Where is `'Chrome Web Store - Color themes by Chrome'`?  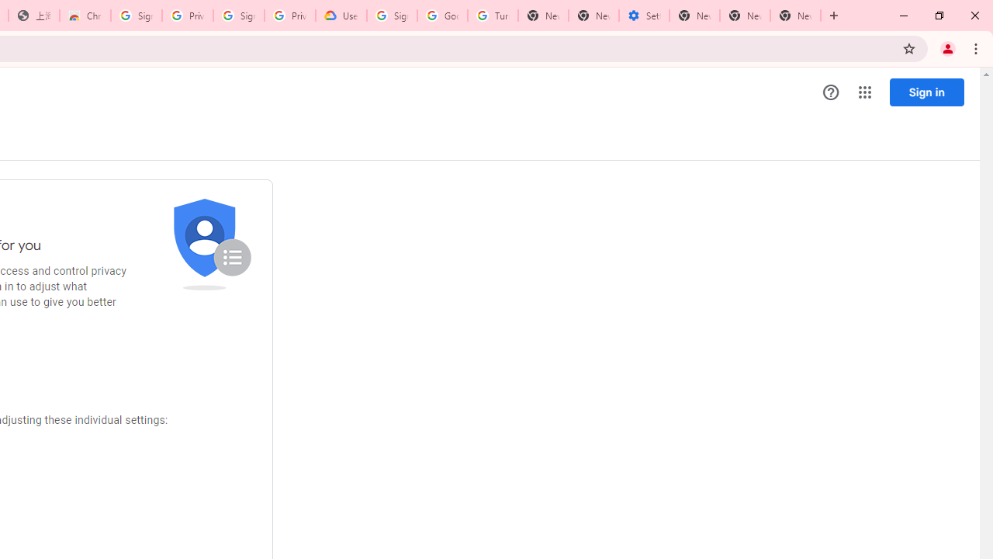 'Chrome Web Store - Color themes by Chrome' is located at coordinates (85, 16).